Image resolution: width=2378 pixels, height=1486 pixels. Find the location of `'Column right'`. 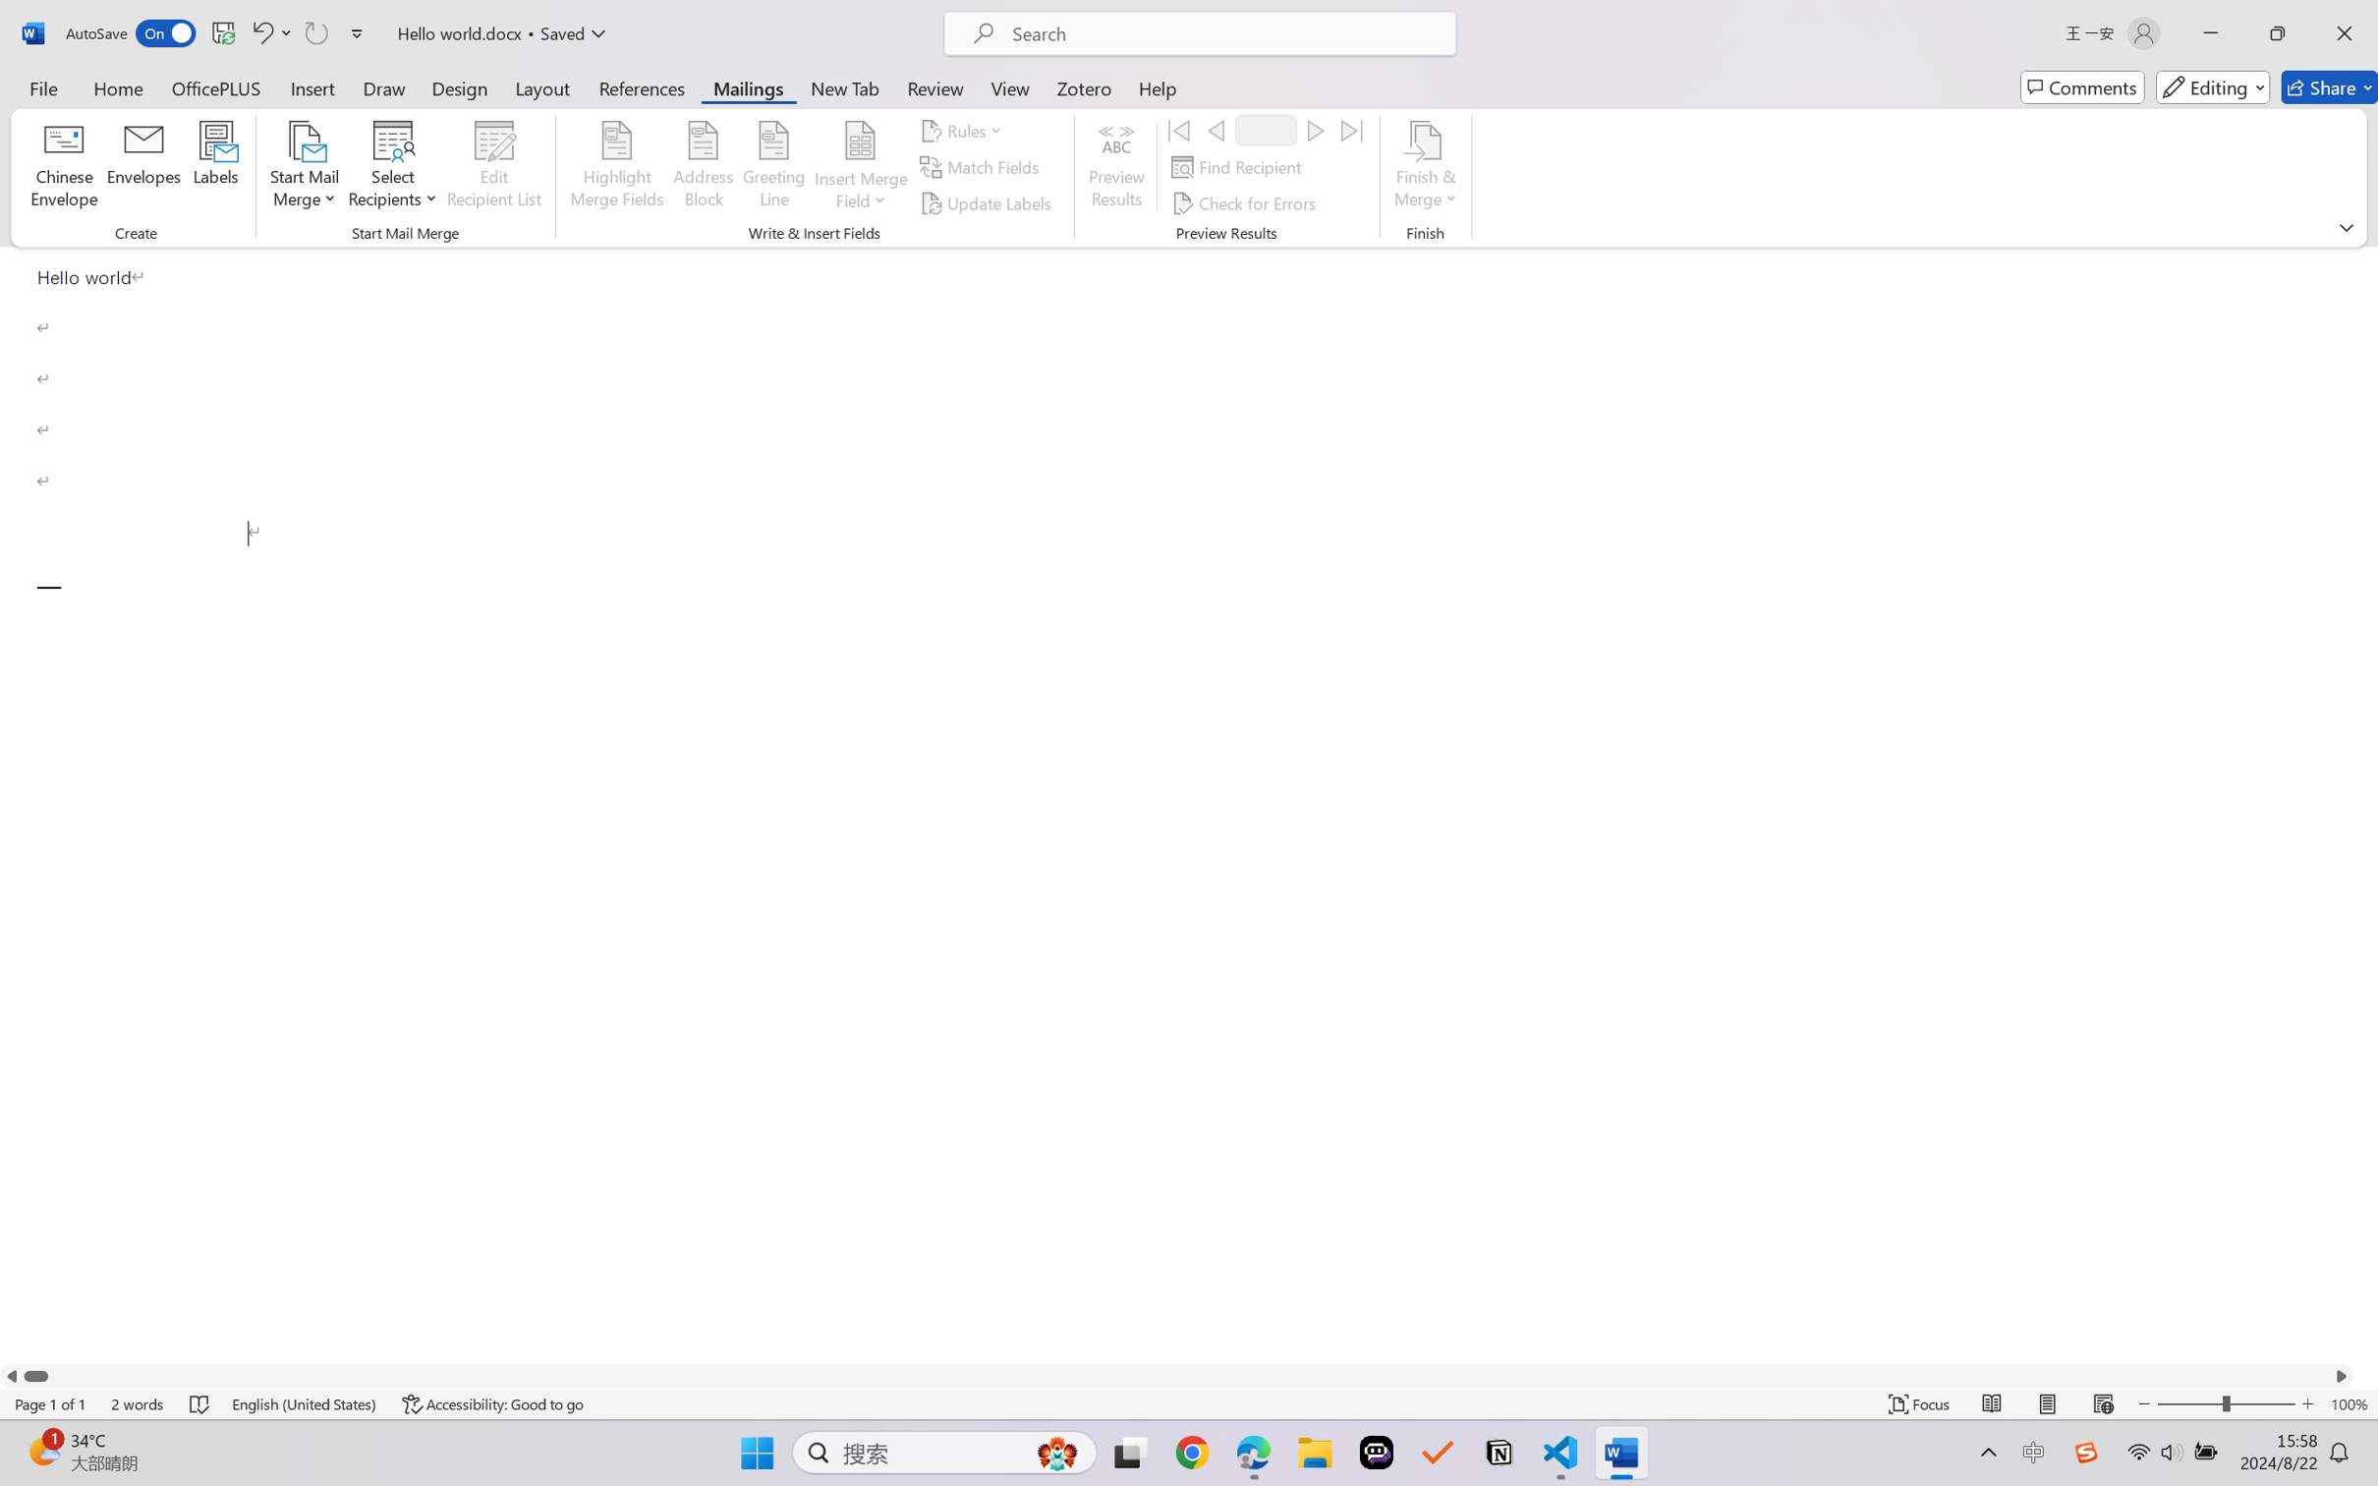

'Column right' is located at coordinates (2342, 1375).